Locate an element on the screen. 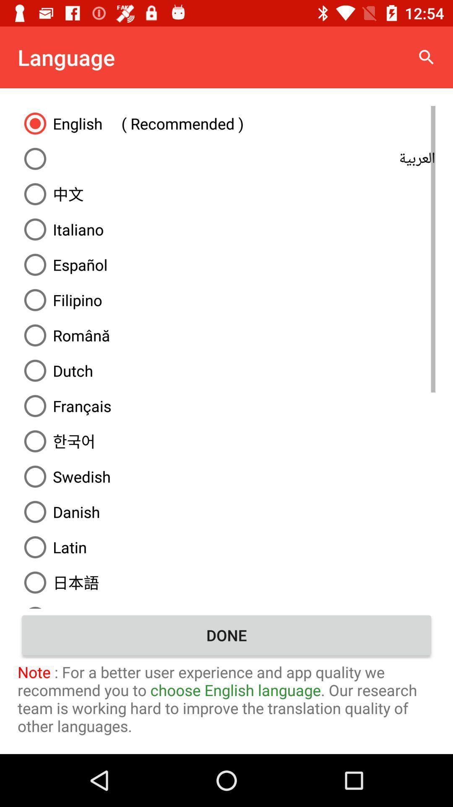 This screenshot has height=807, width=453. the item to the right of language app is located at coordinates (427, 57).